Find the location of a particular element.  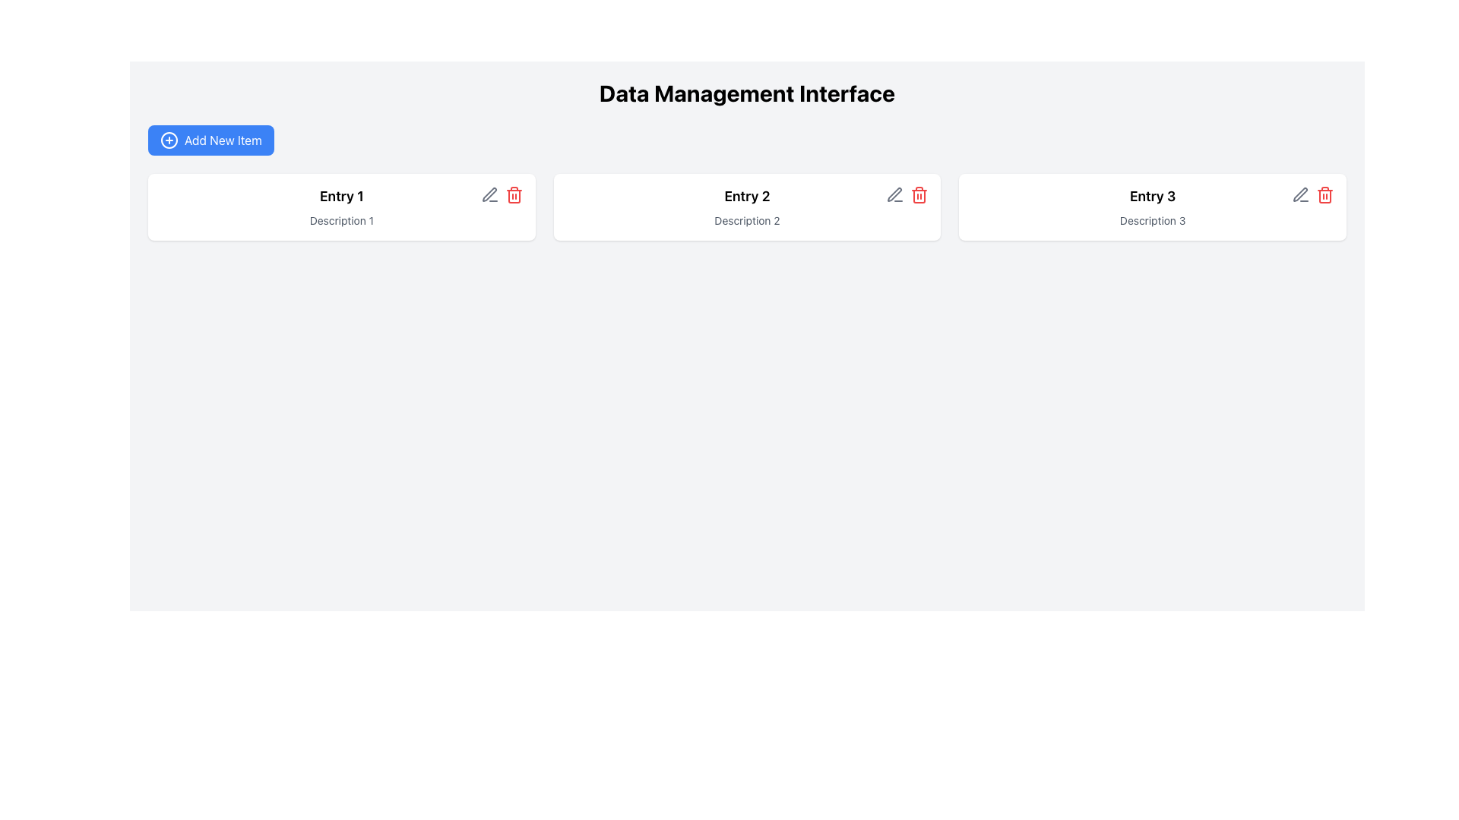

the static description text located directly below the 'Entry 2' heading in the middle panel, which provides additional non-interactive information is located at coordinates (747, 220).